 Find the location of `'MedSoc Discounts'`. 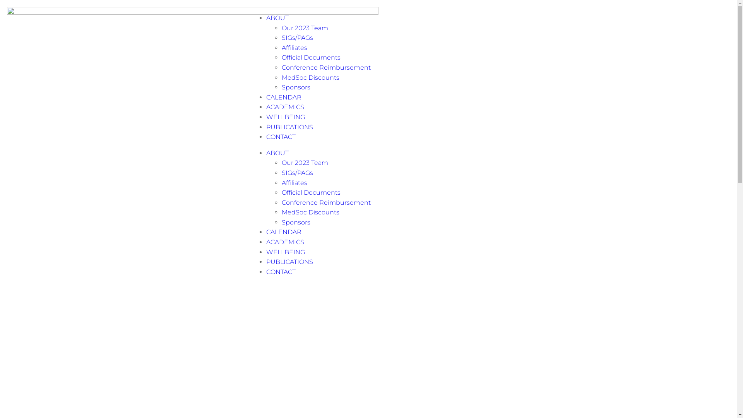

'MedSoc Discounts' is located at coordinates (310, 212).